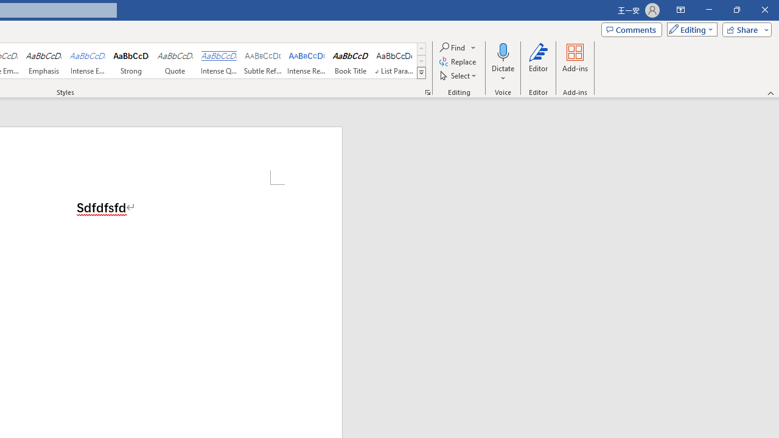  Describe the element at coordinates (175, 61) in the screenshot. I see `'Quote'` at that location.